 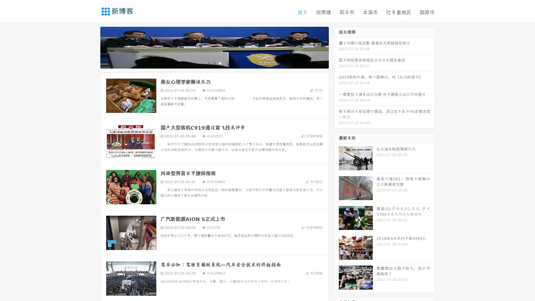 I want to click on Go to slide 1, so click(x=208, y=63).